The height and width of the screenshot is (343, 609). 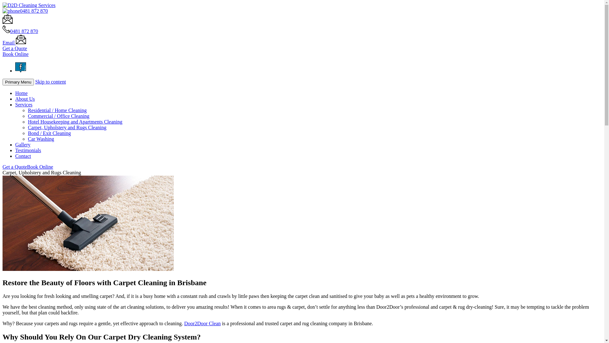 What do you see at coordinates (27, 116) in the screenshot?
I see `'Commercial / Office Cleaning'` at bounding box center [27, 116].